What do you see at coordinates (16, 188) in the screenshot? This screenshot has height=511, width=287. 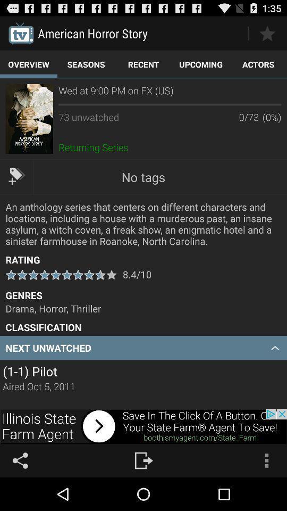 I see `the label icon` at bounding box center [16, 188].